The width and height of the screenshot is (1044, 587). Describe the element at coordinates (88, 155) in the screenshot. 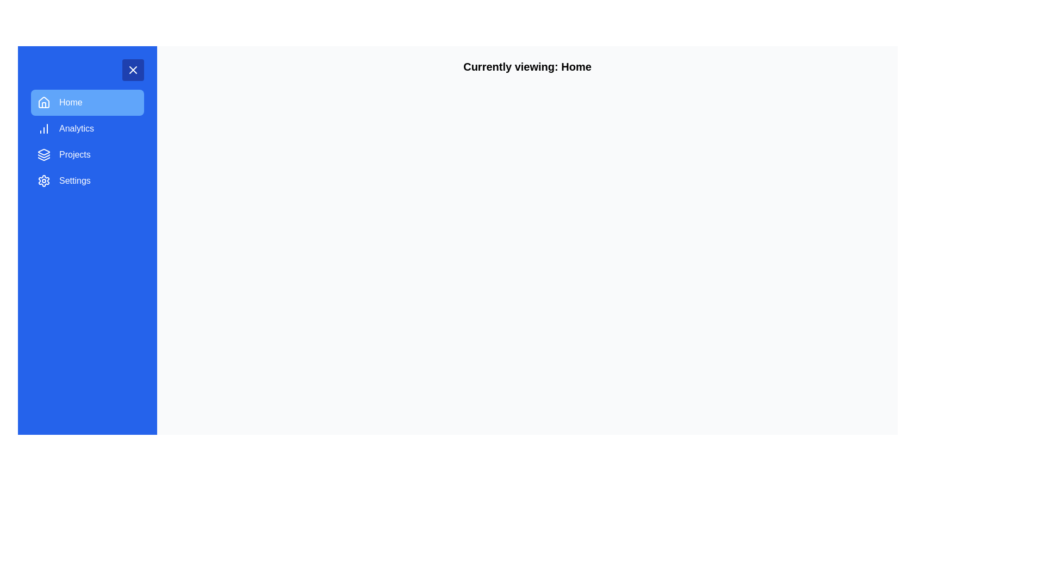

I see `the 'Projects' button in the vertical menu, which is the third option located between 'Analytics' and 'Settings'` at that location.